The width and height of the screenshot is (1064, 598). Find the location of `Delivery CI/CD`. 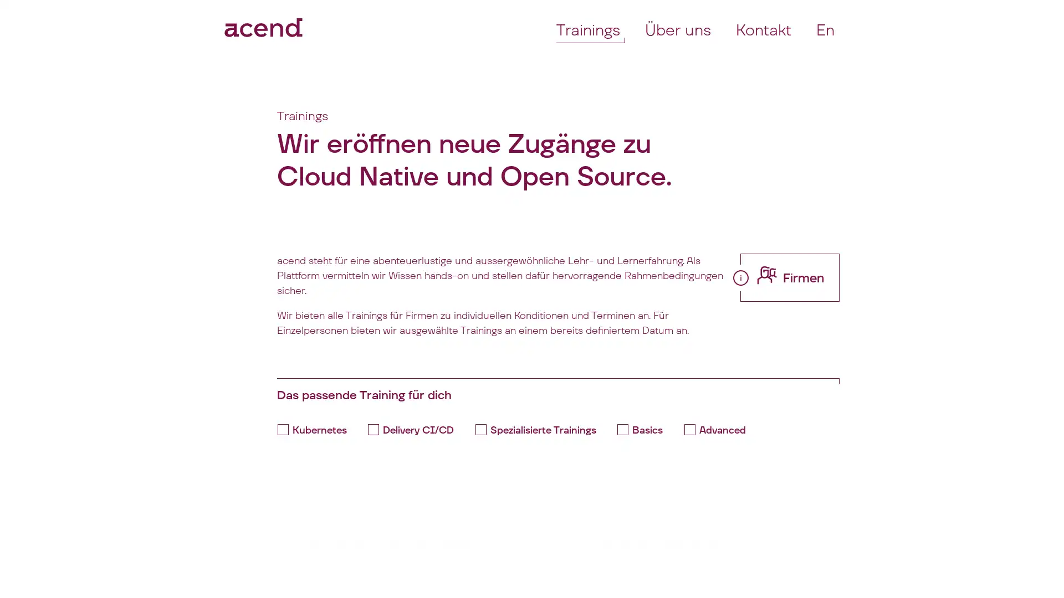

Delivery CI/CD is located at coordinates (414, 429).